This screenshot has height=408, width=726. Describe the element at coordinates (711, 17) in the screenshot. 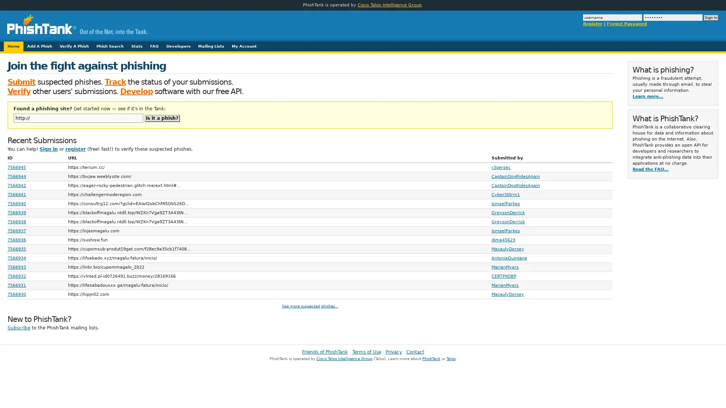

I see `Sign In` at that location.